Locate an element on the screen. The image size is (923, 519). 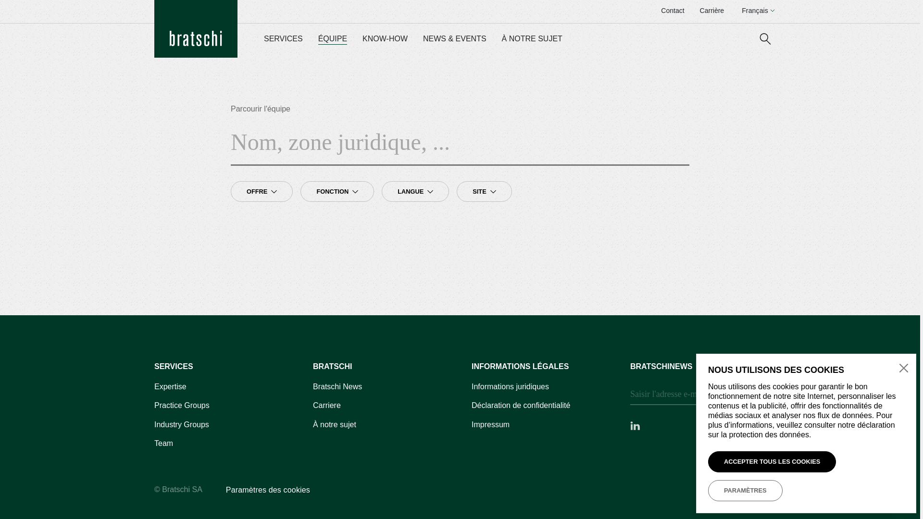
'Carriere' is located at coordinates (327, 406).